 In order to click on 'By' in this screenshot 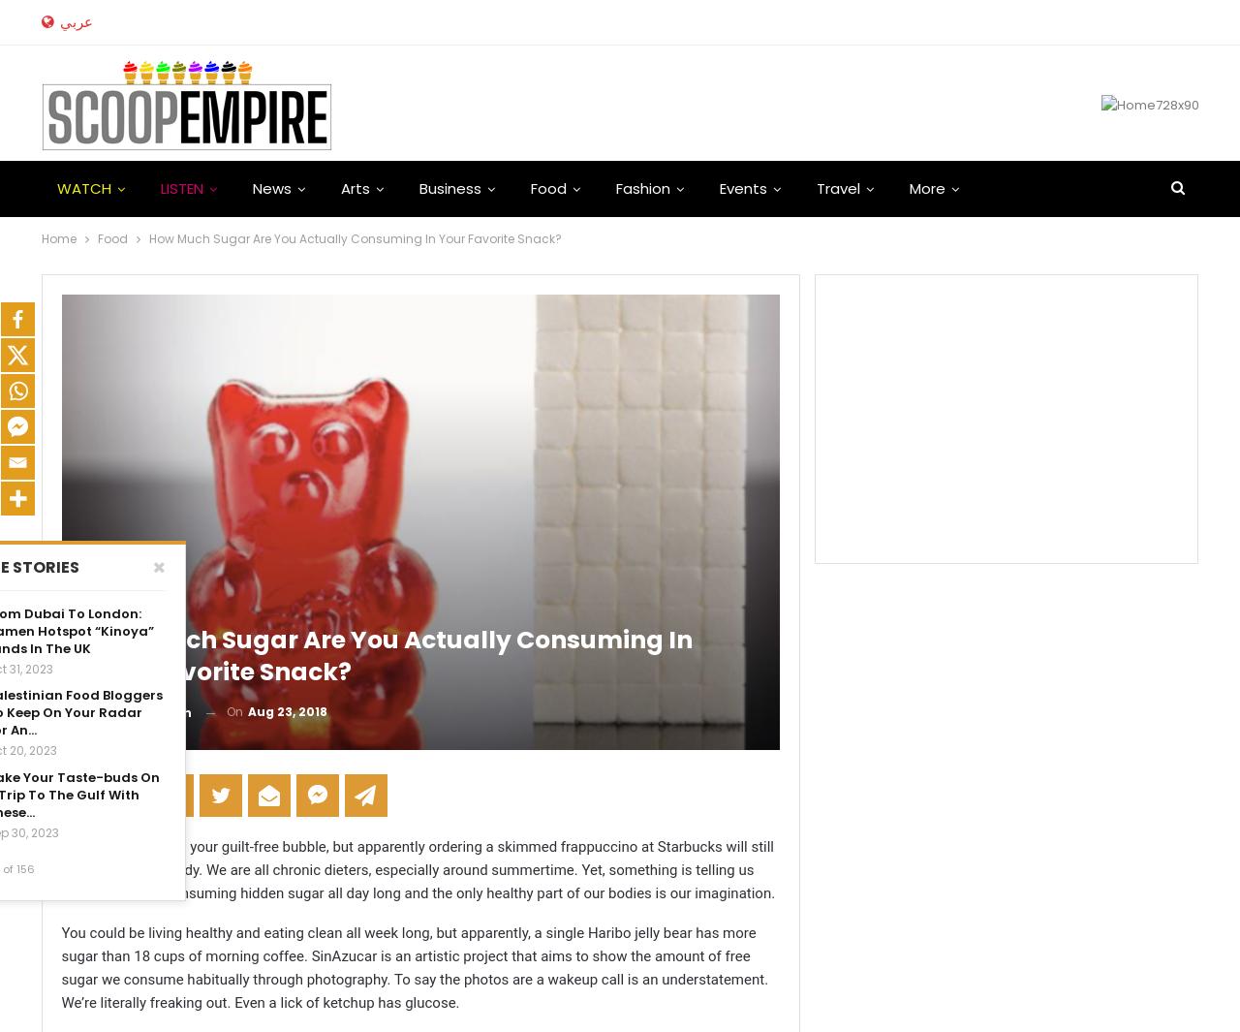, I will do `click(84, 712)`.